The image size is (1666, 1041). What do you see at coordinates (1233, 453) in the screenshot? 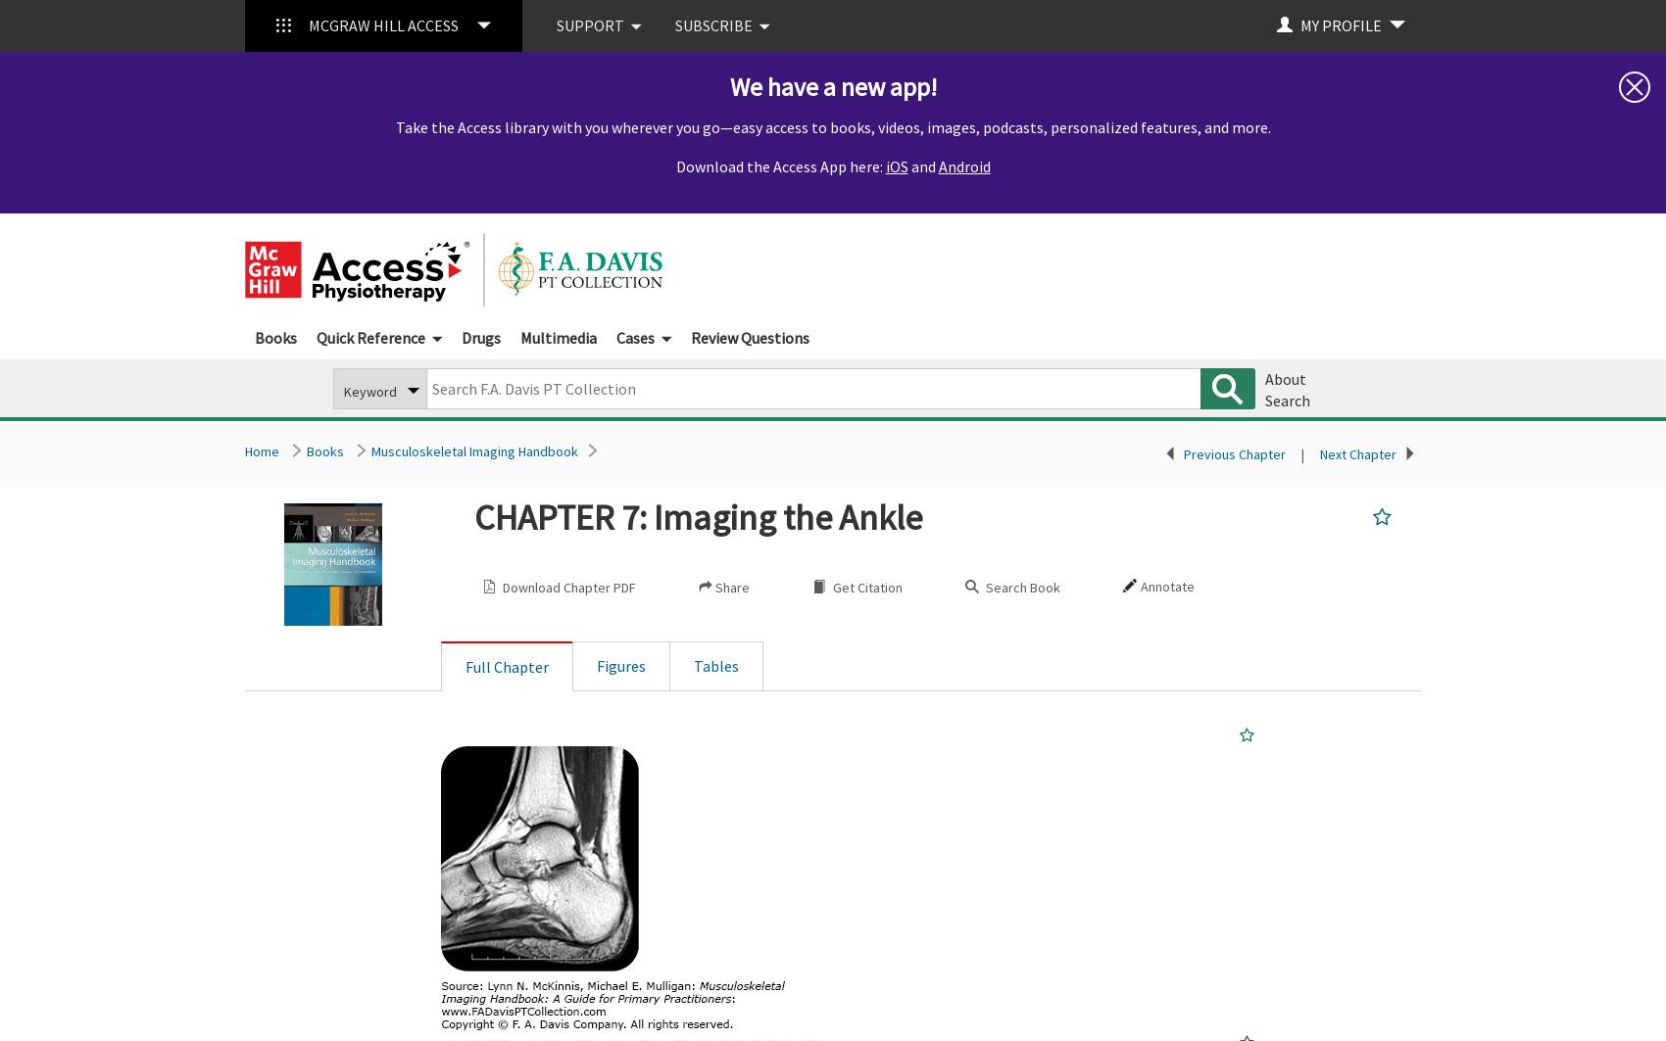
I see `'Previous Chapter'` at bounding box center [1233, 453].